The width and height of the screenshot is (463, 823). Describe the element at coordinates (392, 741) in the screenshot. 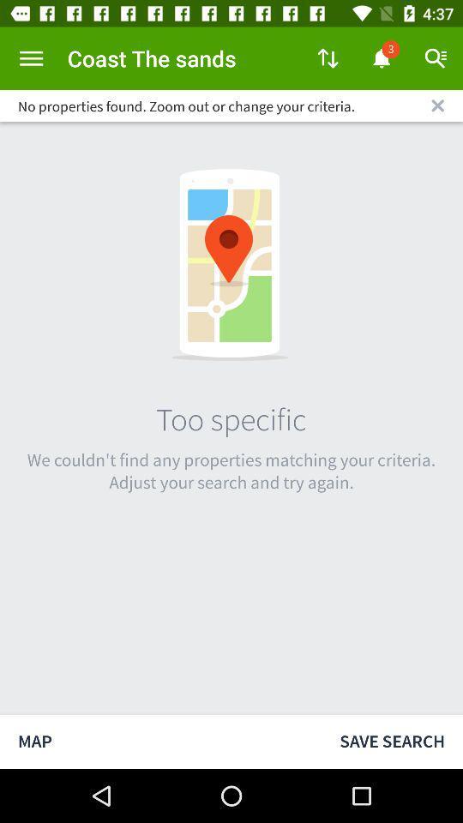

I see `the icon to the right of map` at that location.